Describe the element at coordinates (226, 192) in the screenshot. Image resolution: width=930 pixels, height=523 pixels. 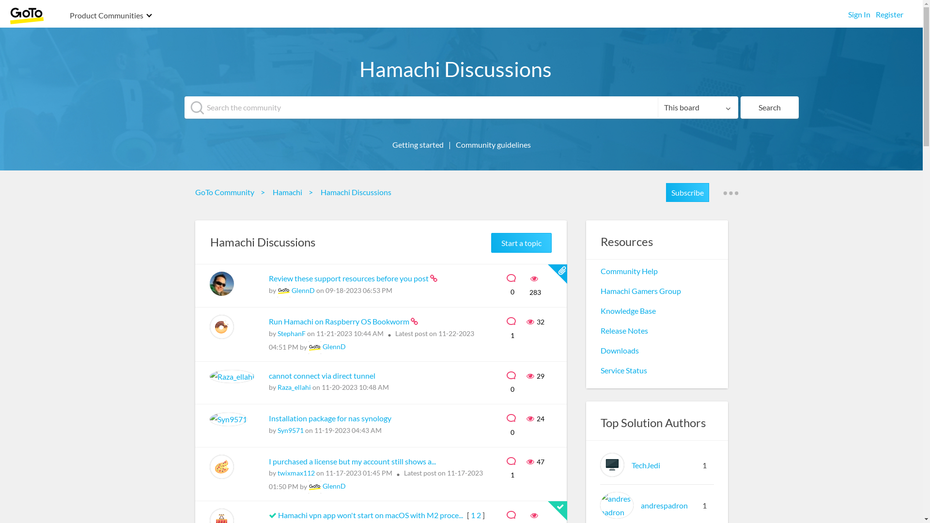
I see `'GoTo Community'` at that location.